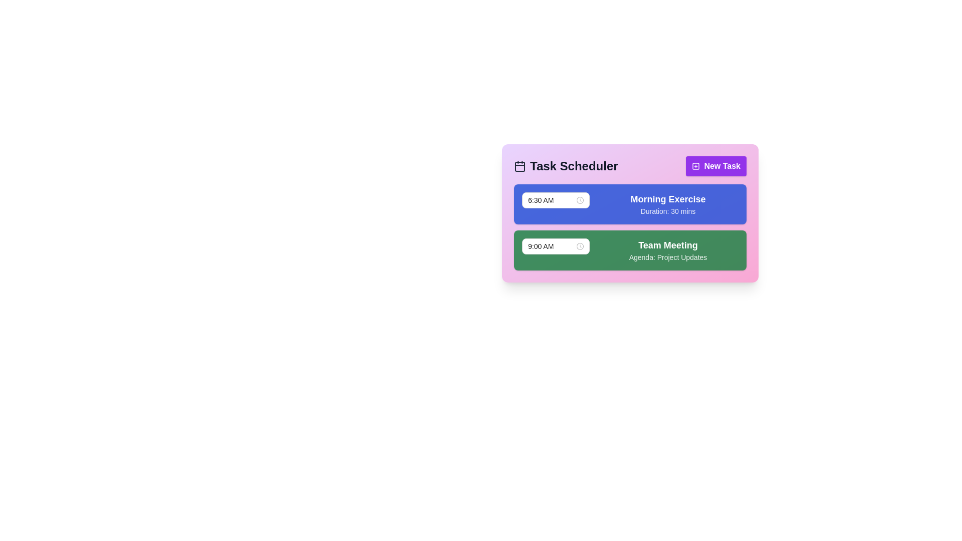  Describe the element at coordinates (551, 246) in the screenshot. I see `the input field displaying '9:00 AM'` at that location.